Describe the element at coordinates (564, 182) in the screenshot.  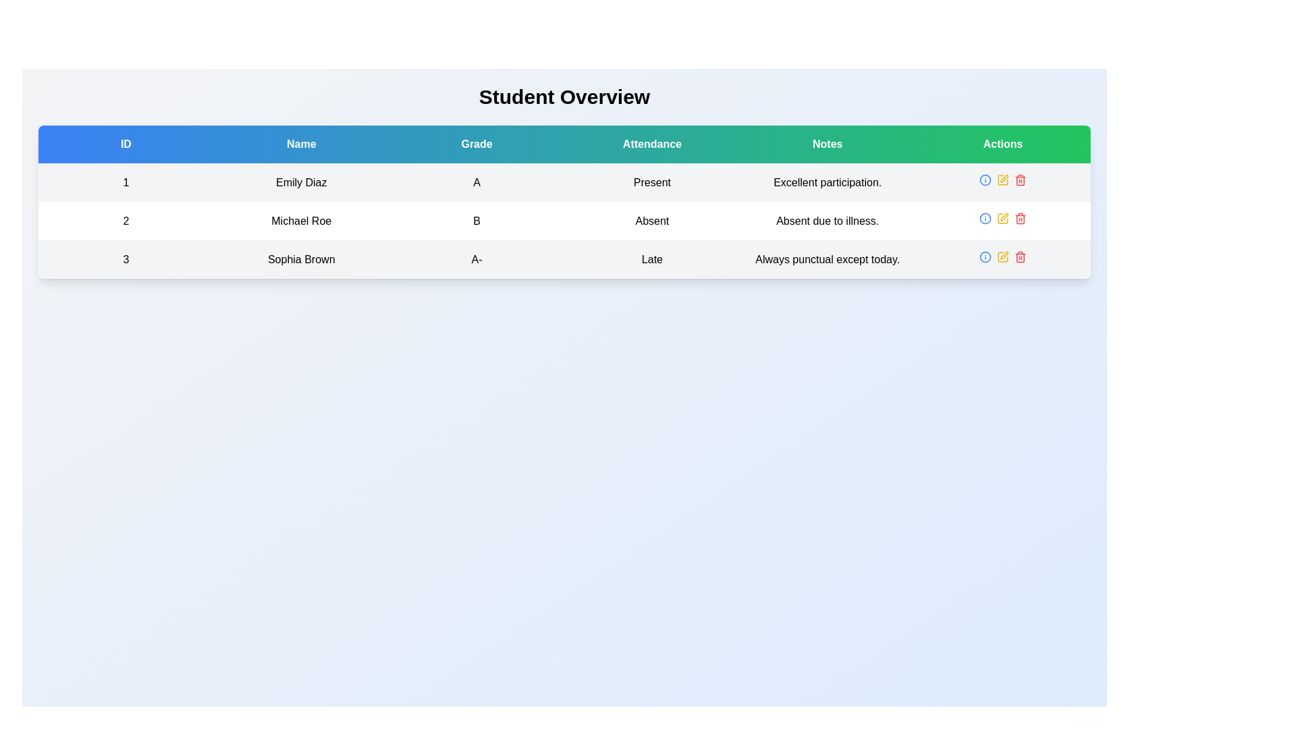
I see `the first table row displaying information about student 'Emily Diaz', which includes her identifier, name, grade, attendance status, and notes` at that location.